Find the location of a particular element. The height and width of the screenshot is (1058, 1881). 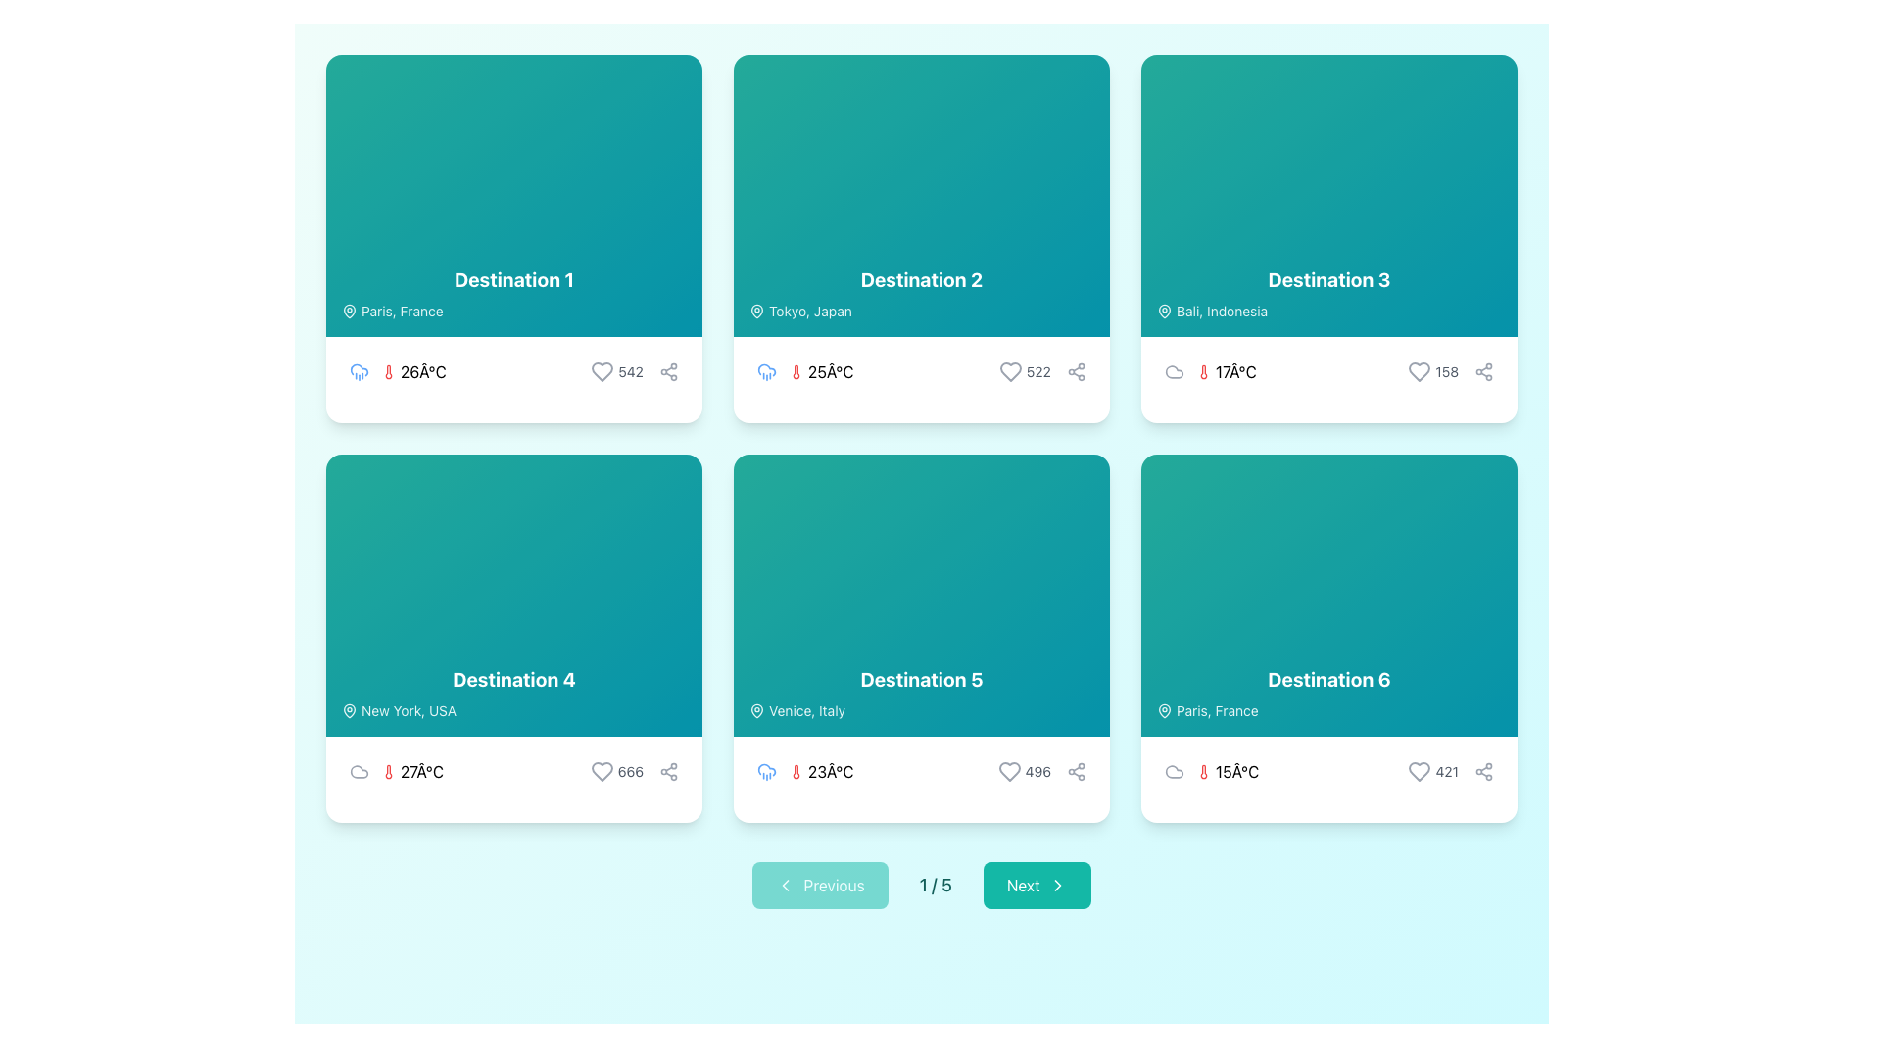

the interactive counter element featuring a gray heart icon and the number '496', located in the bottom-right section of the fifth destination card is located at coordinates (1023, 770).